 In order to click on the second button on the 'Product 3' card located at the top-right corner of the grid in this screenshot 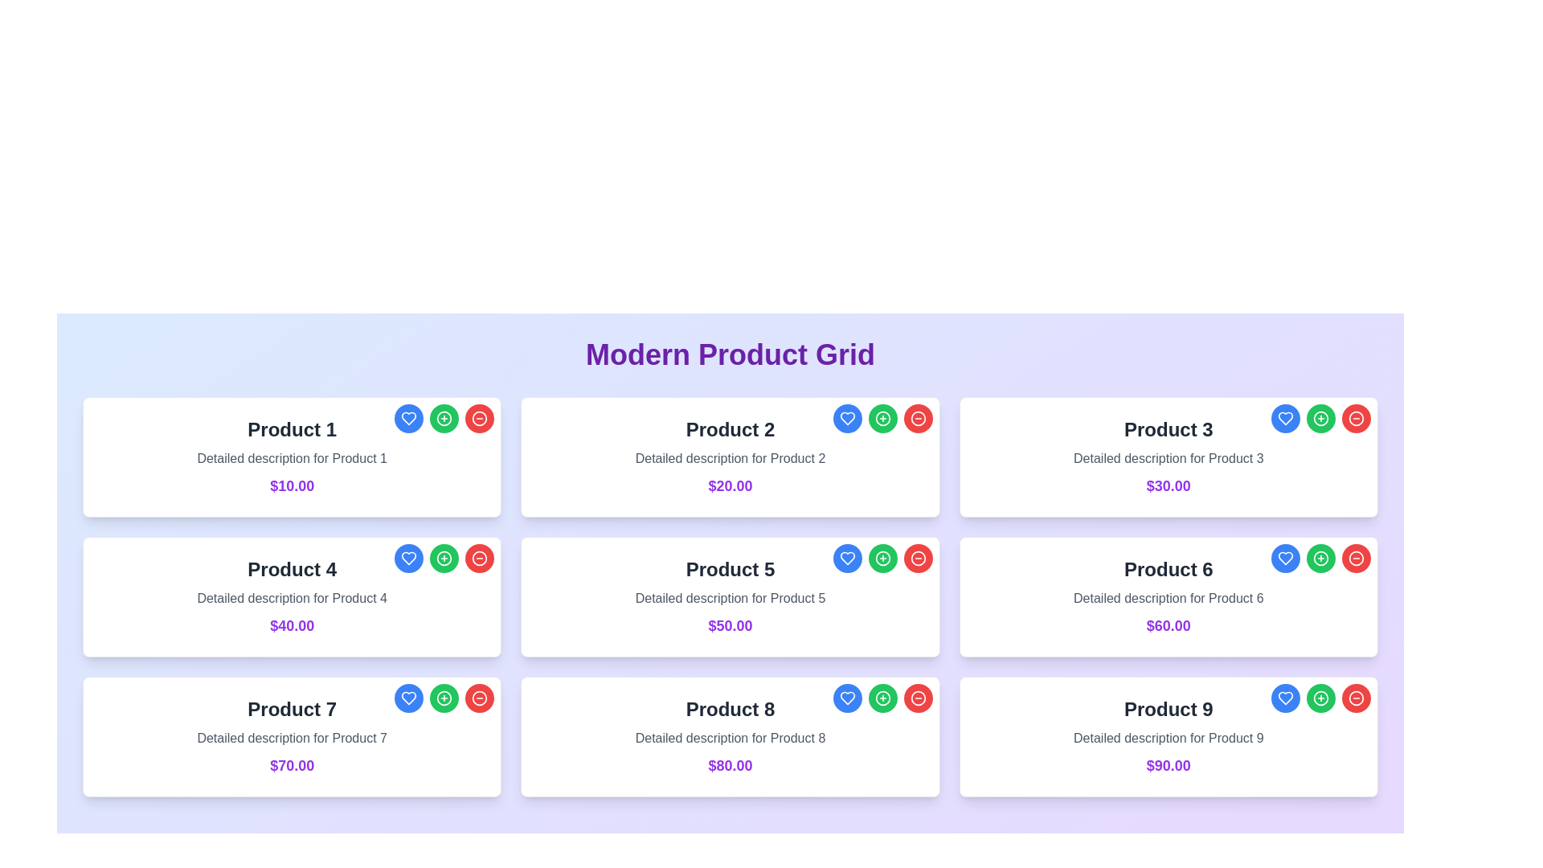, I will do `click(1320, 417)`.